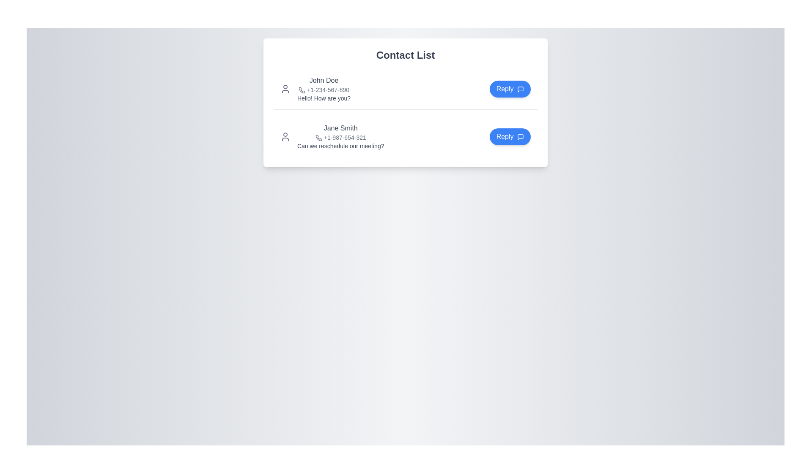  I want to click on the phone icon located in the contact information section for 'Jane Smith', adjacent to the phone number '+1-987-654-321', so click(318, 138).